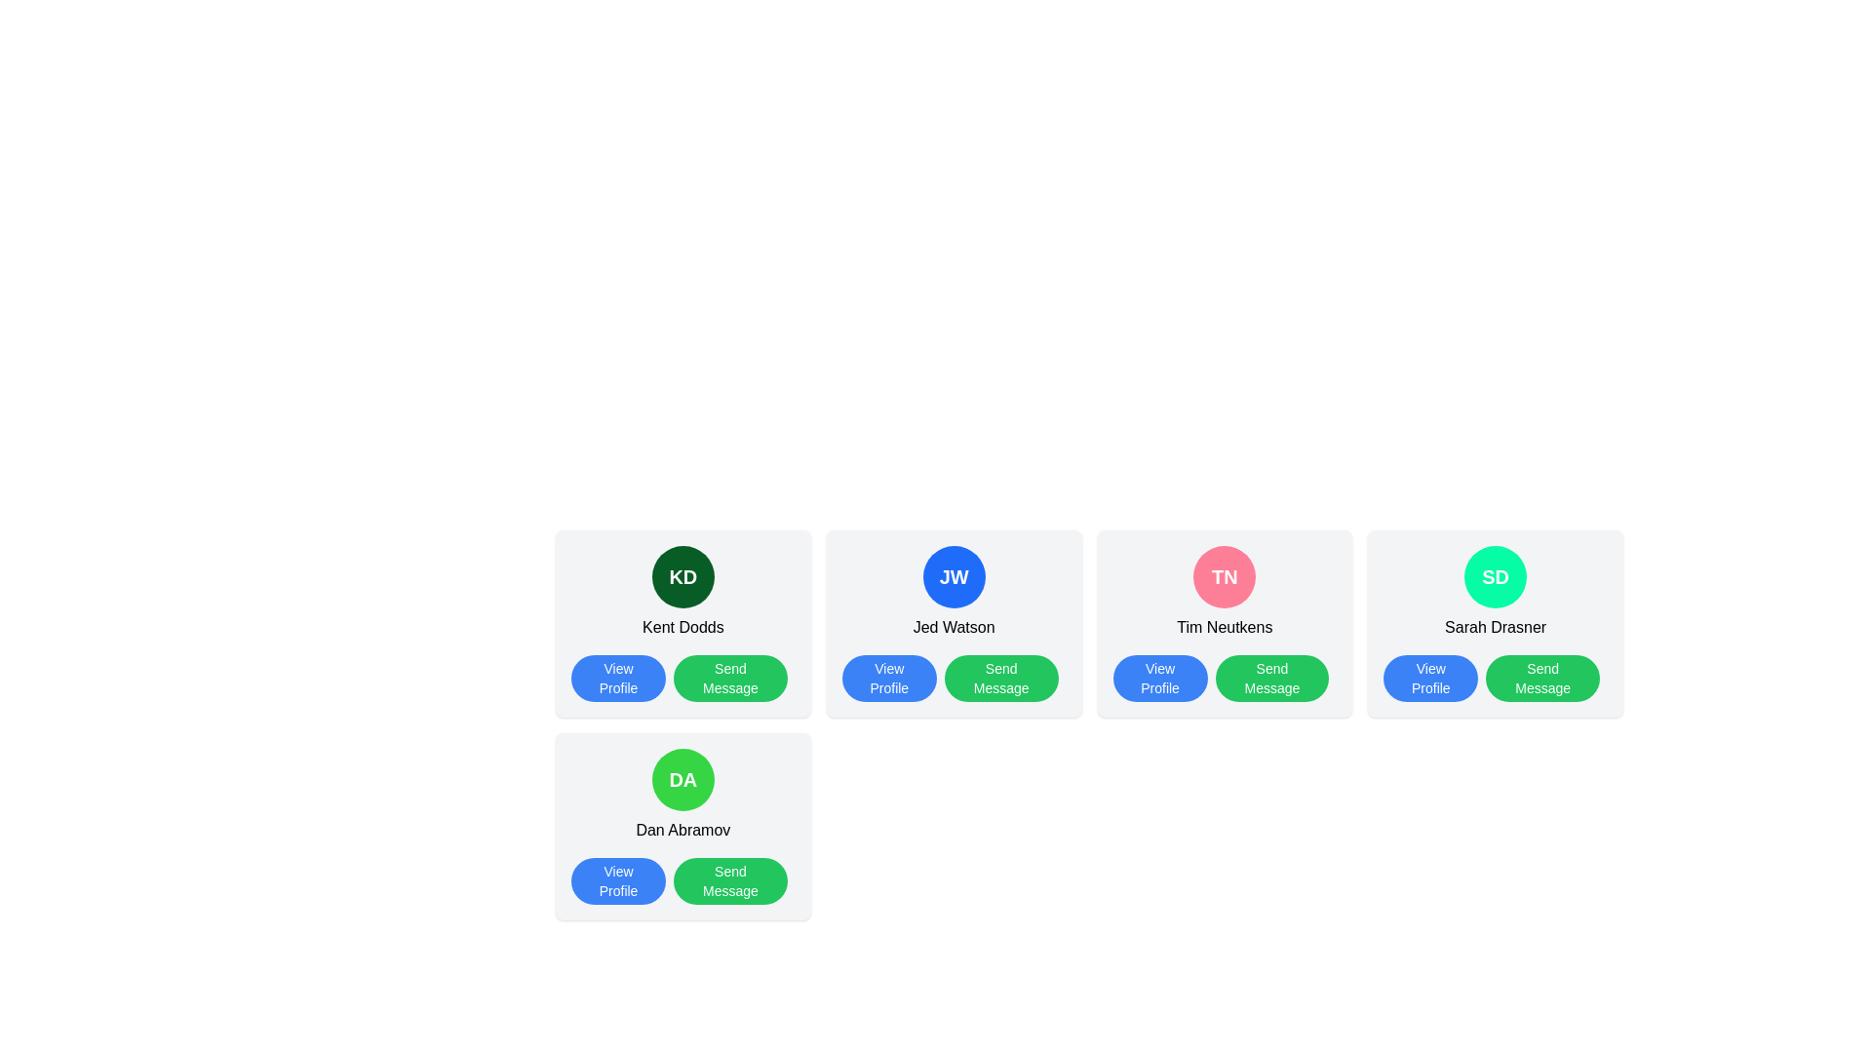 This screenshot has width=1872, height=1053. I want to click on the 'Send Message' button located in the bottom section of the card for 'Sarah Drasner', which is positioned below the text 'Sarah Drasner' and the initials 'SD', so click(1495, 677).